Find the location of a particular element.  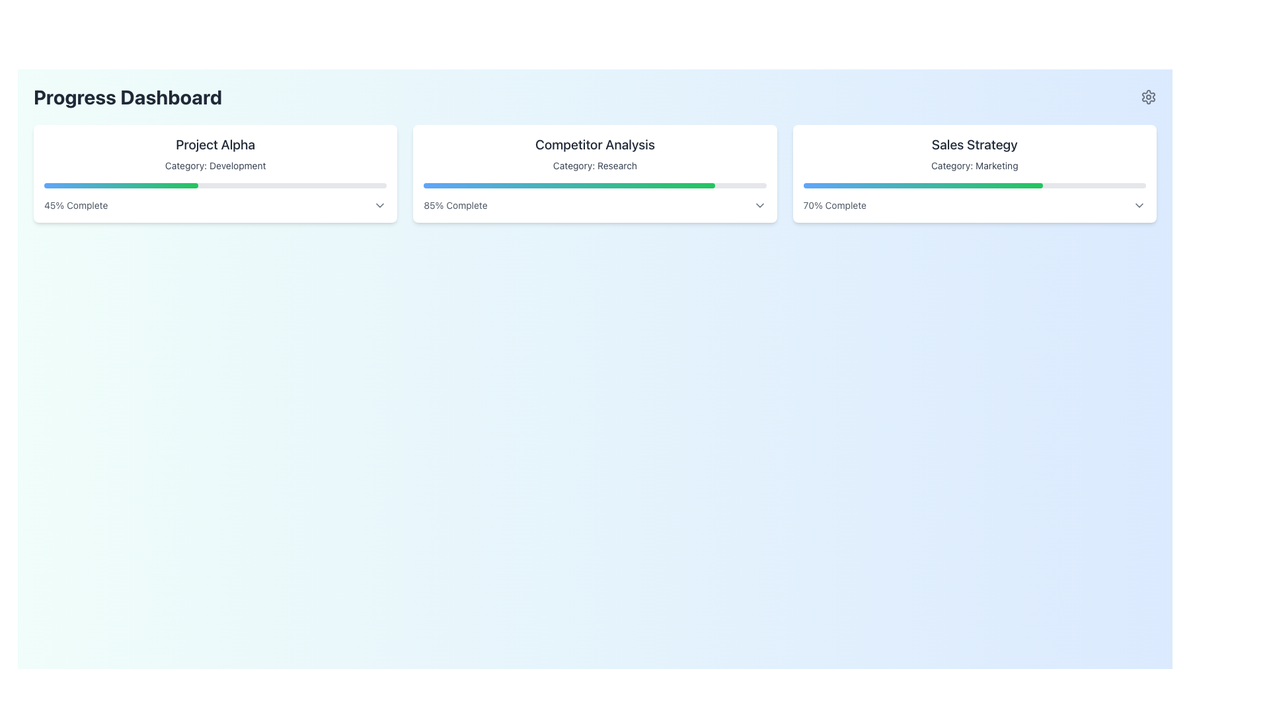

the Horizontal Progress Bar located in the 'Project Alpha' card, which shows a progress of 45% and is positioned above the text '45% Complete' is located at coordinates (215, 186).